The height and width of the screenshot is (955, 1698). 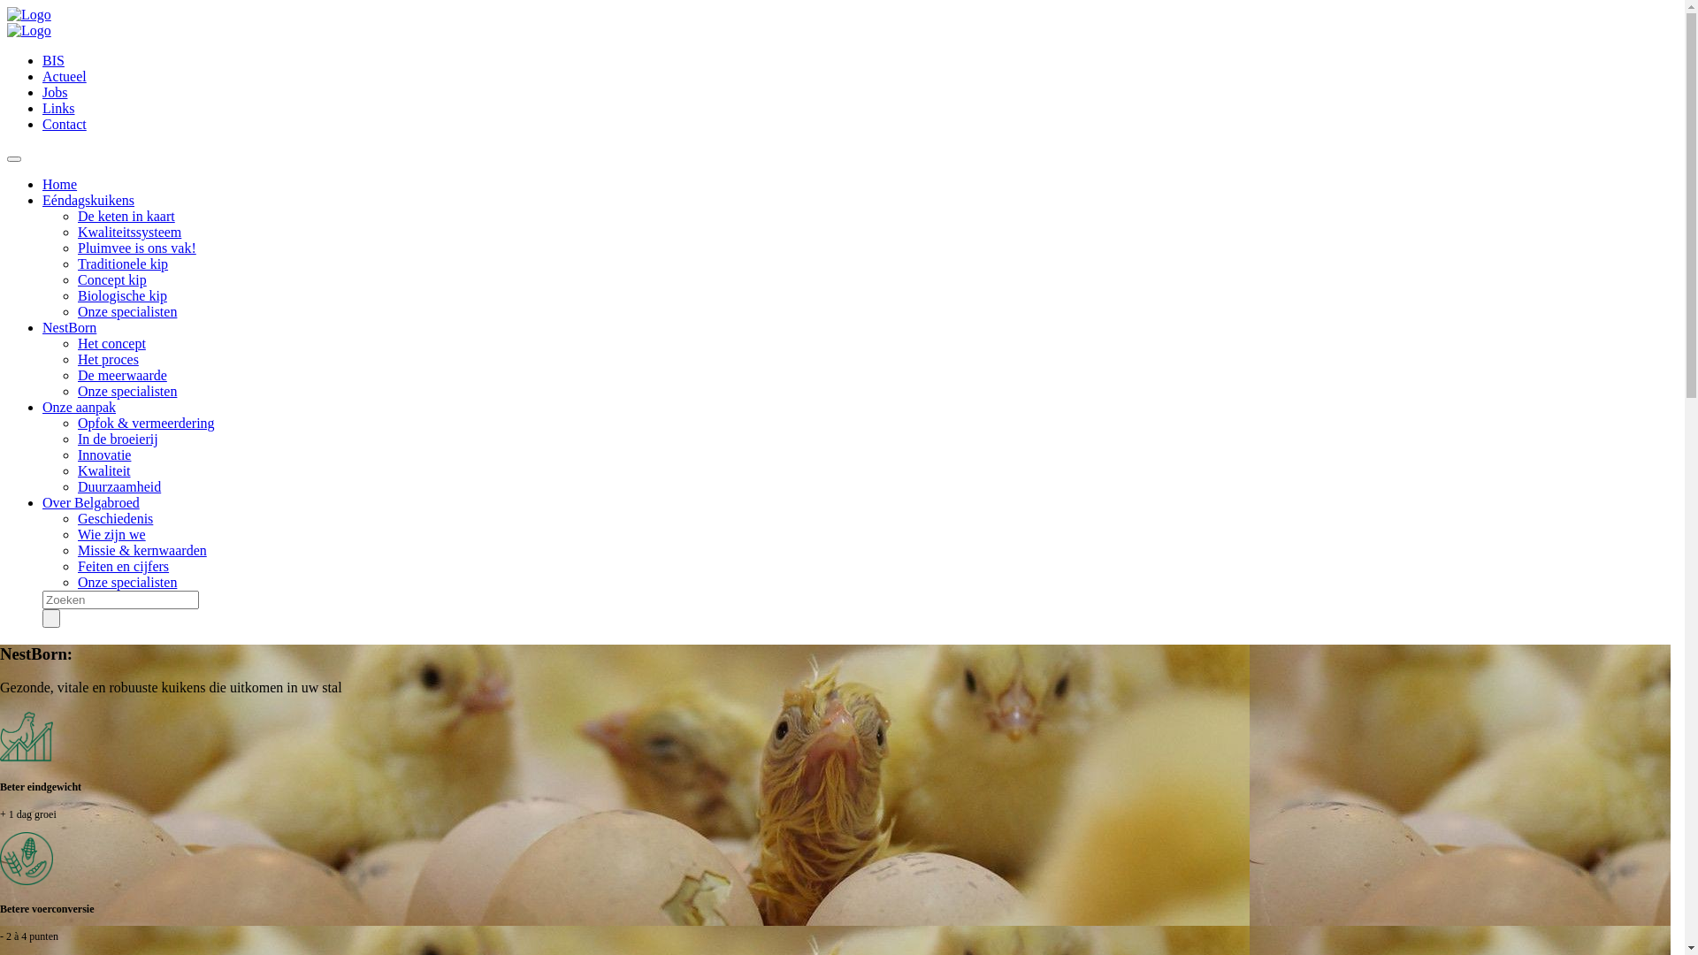 What do you see at coordinates (107, 358) in the screenshot?
I see `'Het proces'` at bounding box center [107, 358].